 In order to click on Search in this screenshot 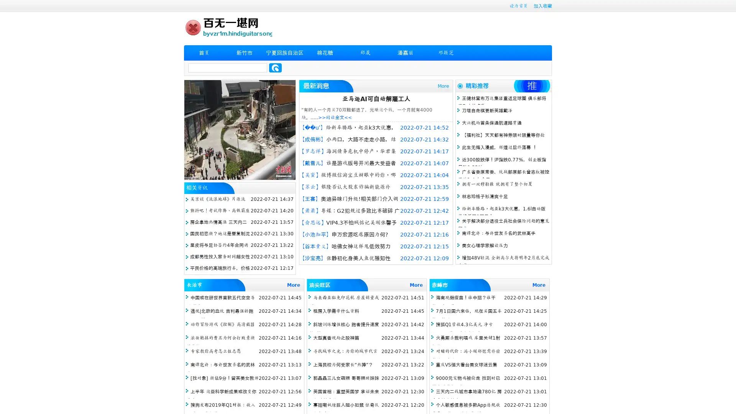, I will do `click(275, 67)`.